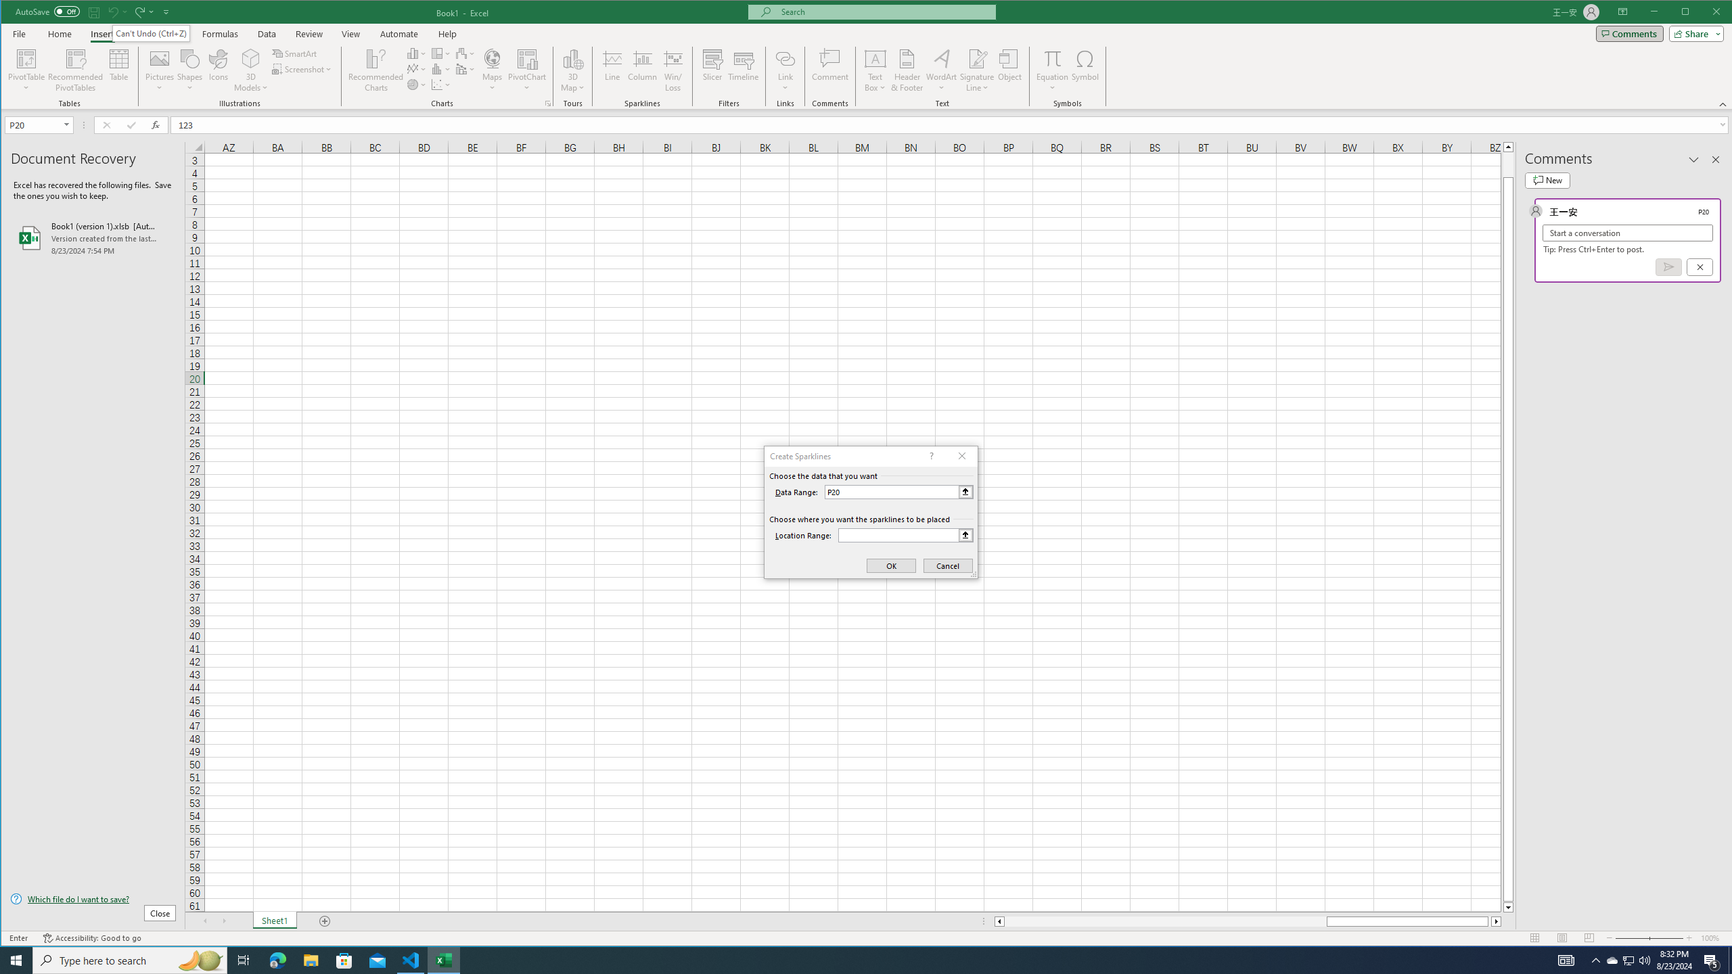  I want to click on 'Header & Footer...', so click(907, 70).